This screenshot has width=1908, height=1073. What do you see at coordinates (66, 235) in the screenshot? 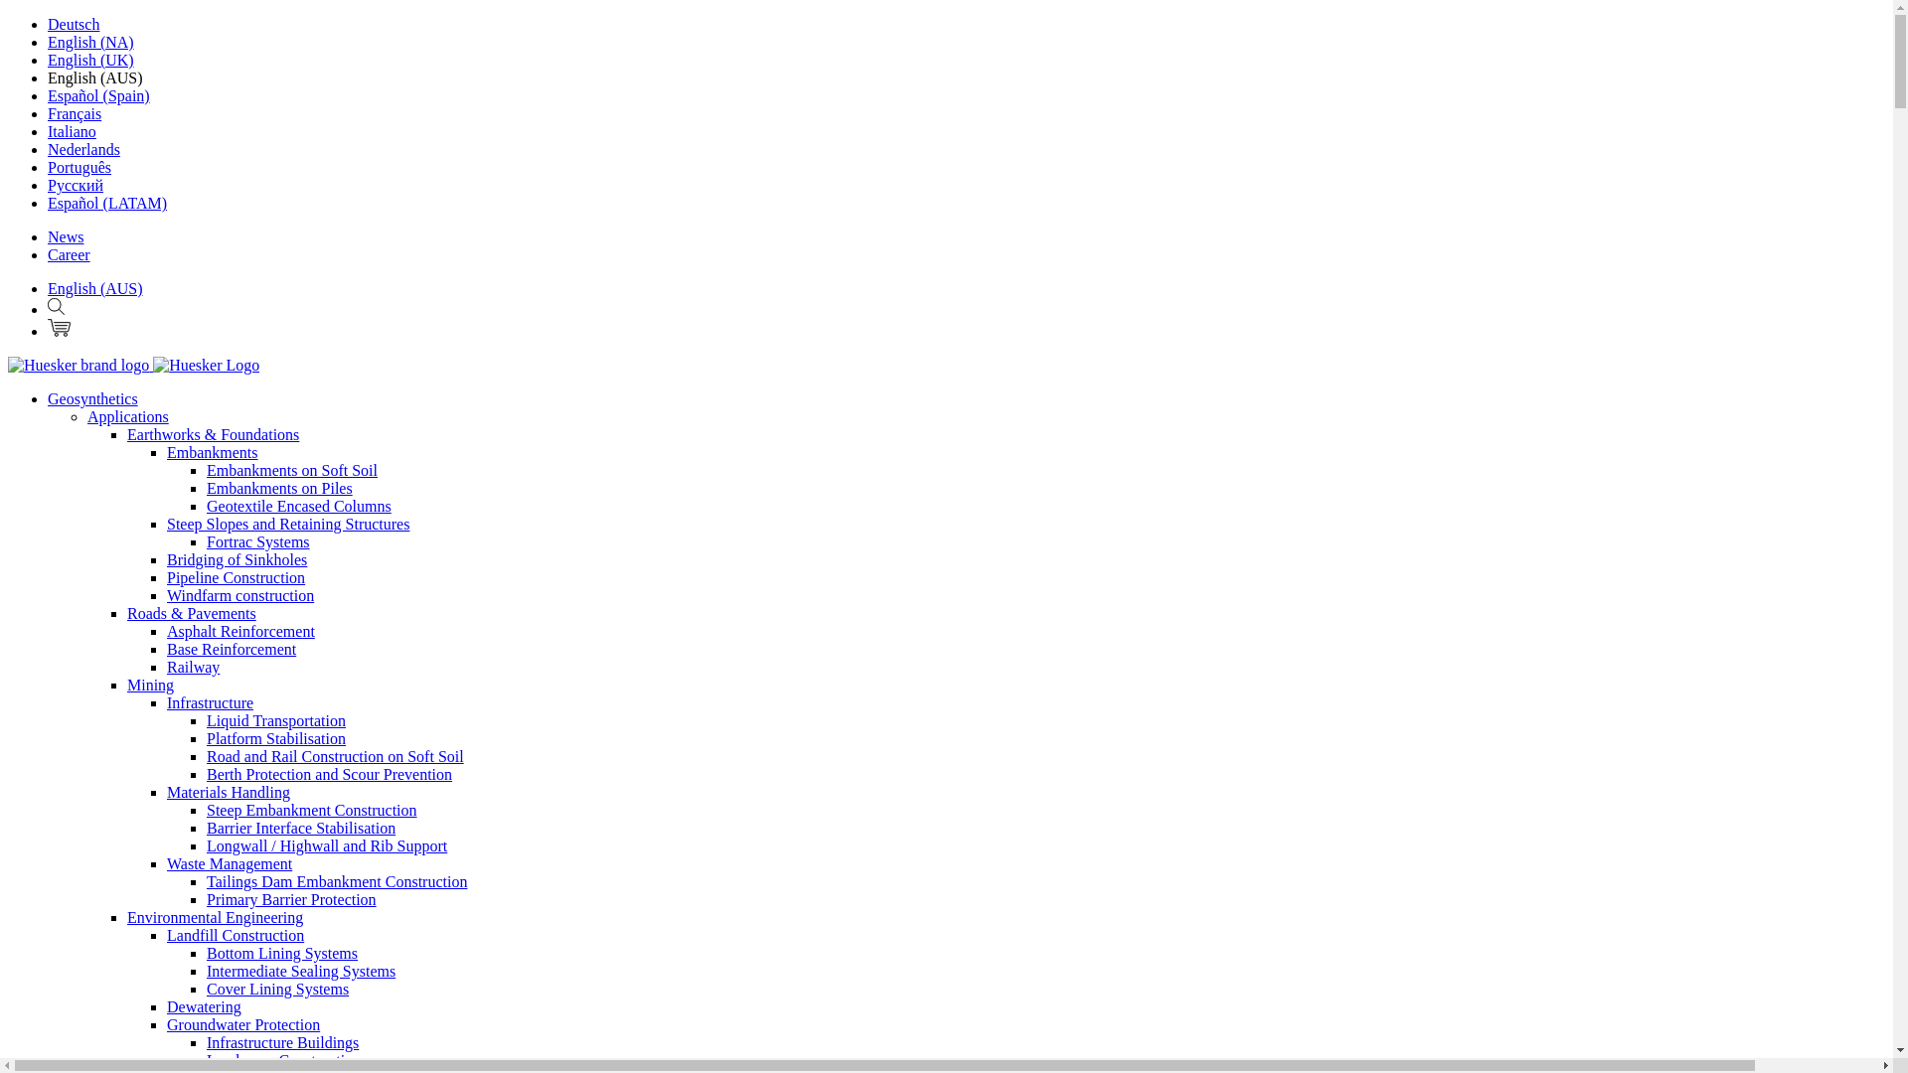
I see `'News'` at bounding box center [66, 235].